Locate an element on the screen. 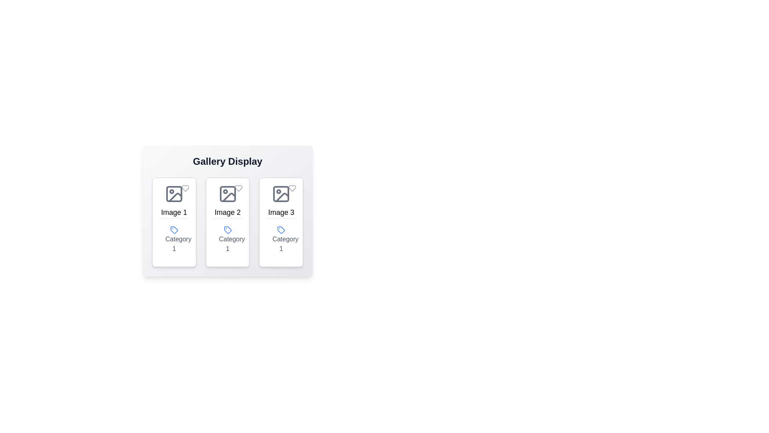 The height and width of the screenshot is (433, 769). the Decorative SVG Icon resembling a price tag or label, which has a blue outline and is located near the text labeled 'Category 1' below 'Image 3' is located at coordinates (281, 230).